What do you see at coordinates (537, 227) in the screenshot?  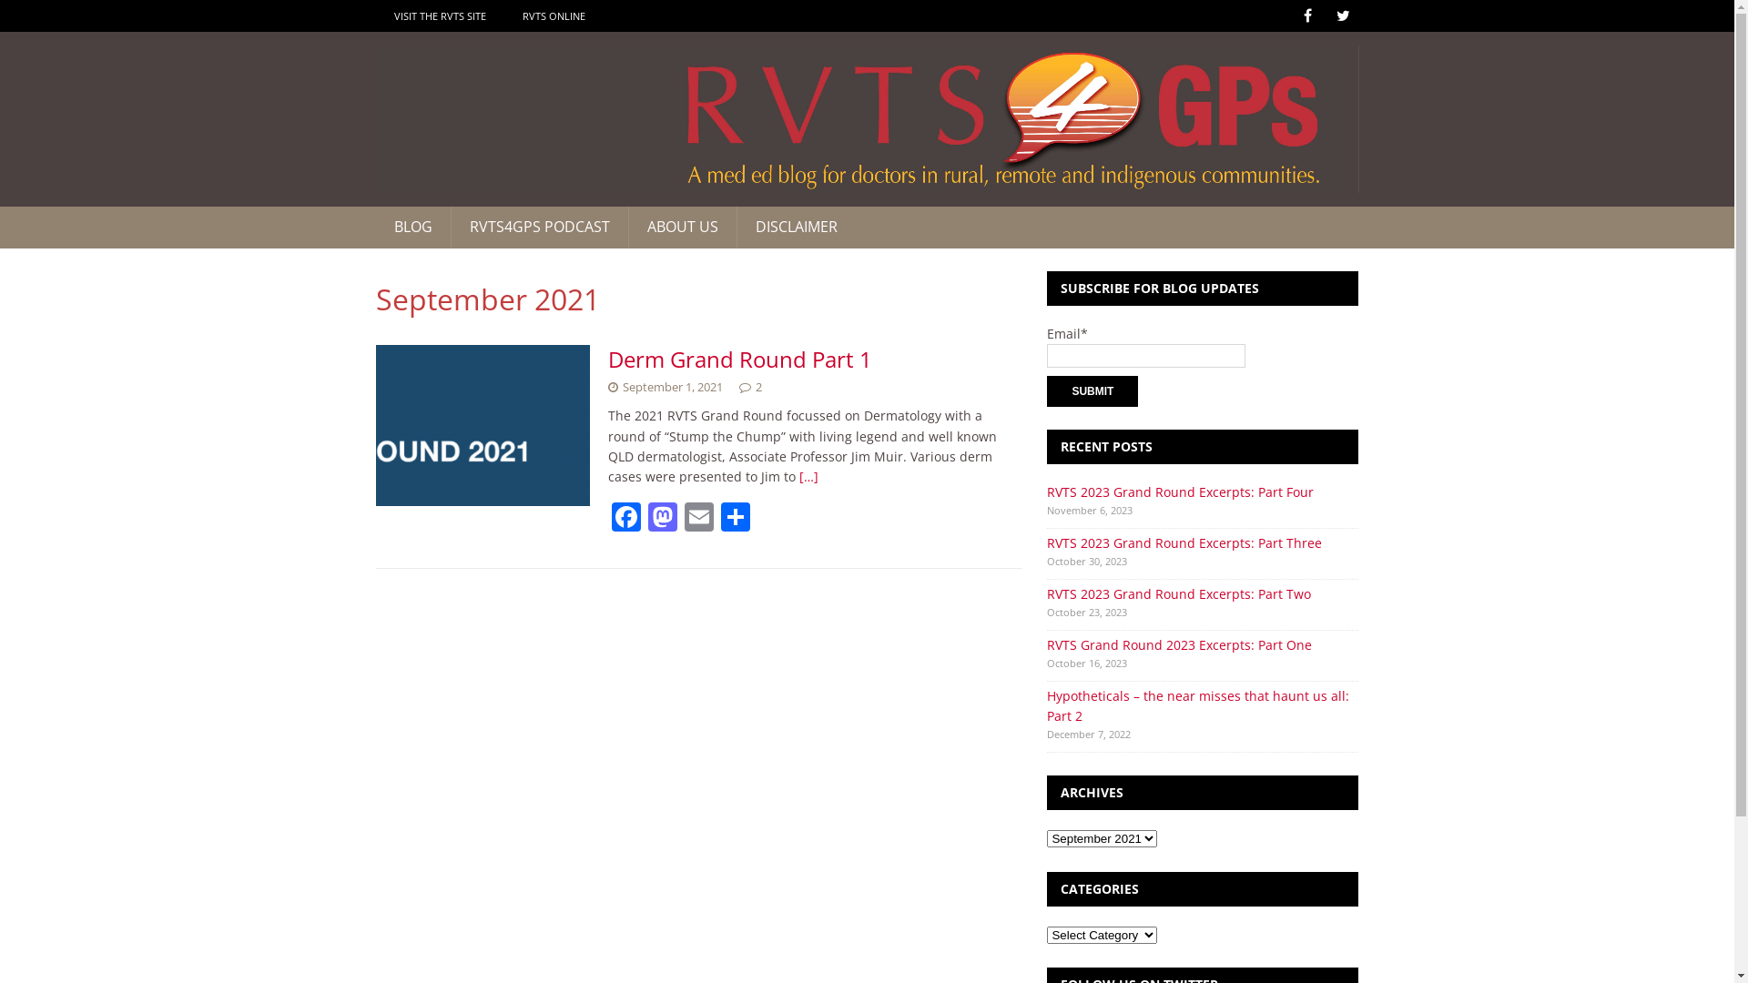 I see `'RVTS4GPS PODCAST'` at bounding box center [537, 227].